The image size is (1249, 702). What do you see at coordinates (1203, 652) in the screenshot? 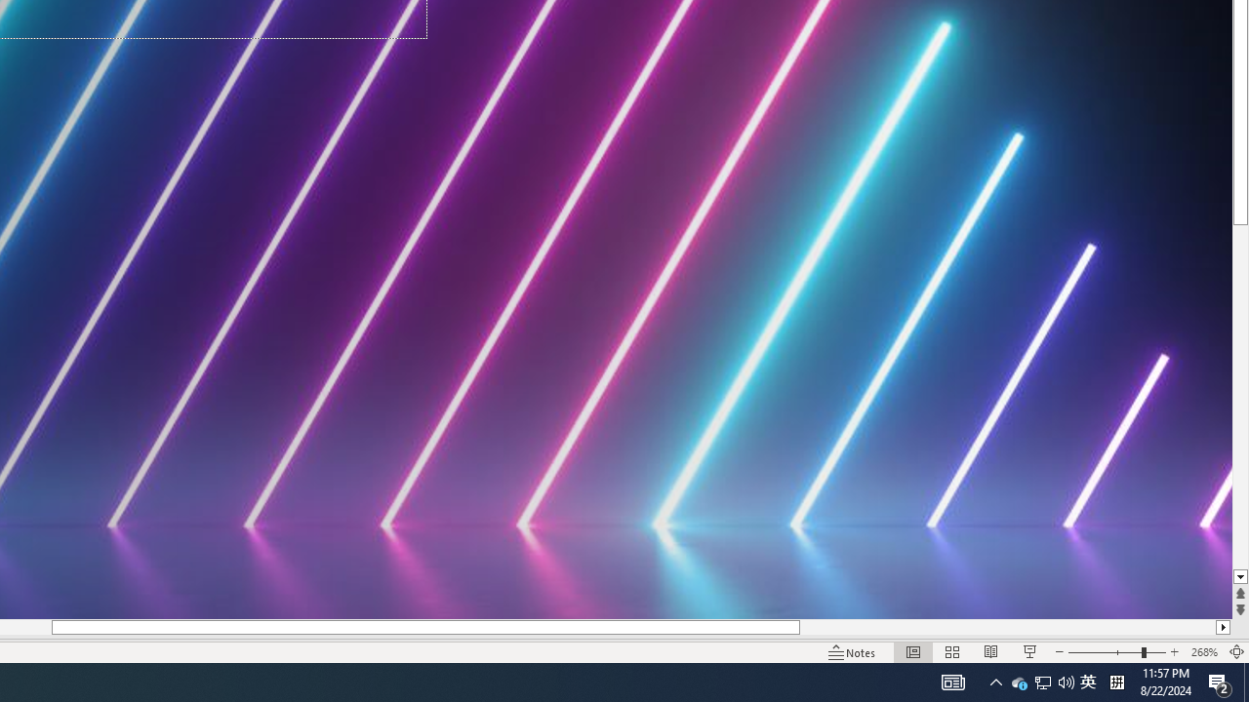
I see `'Zoom 268%'` at bounding box center [1203, 652].